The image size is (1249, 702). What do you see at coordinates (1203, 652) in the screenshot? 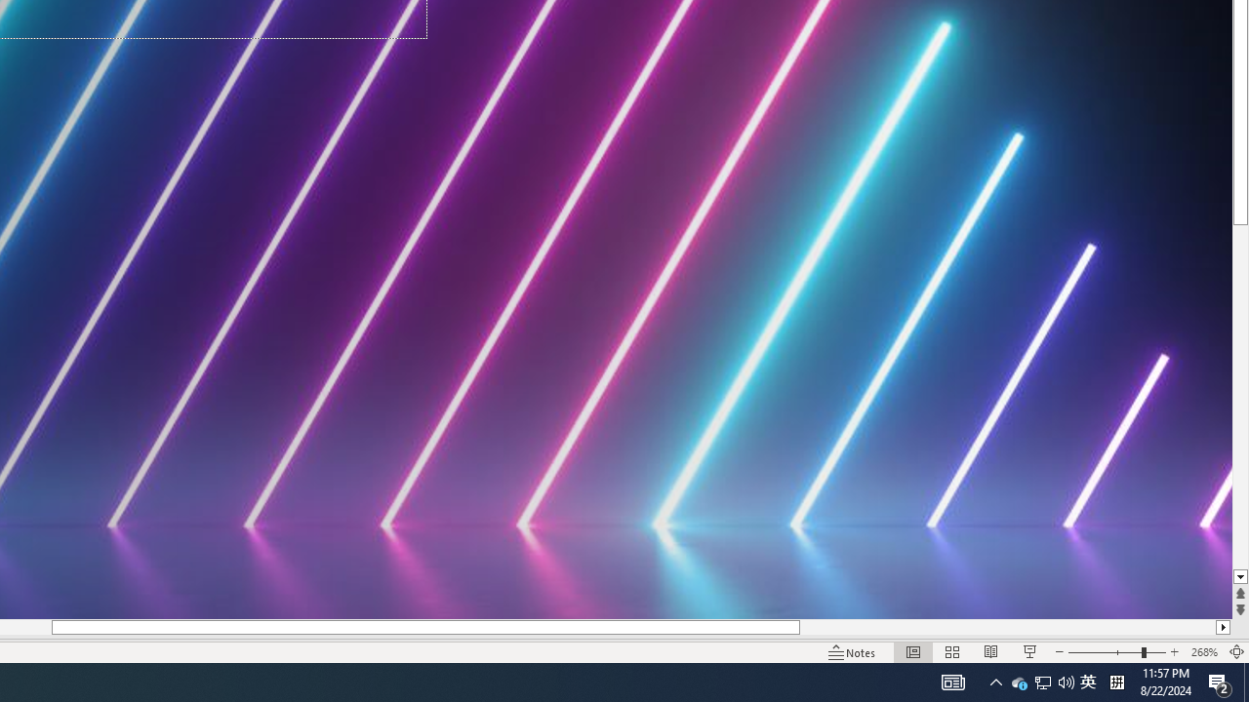
I see `'Zoom 268%'` at bounding box center [1203, 652].